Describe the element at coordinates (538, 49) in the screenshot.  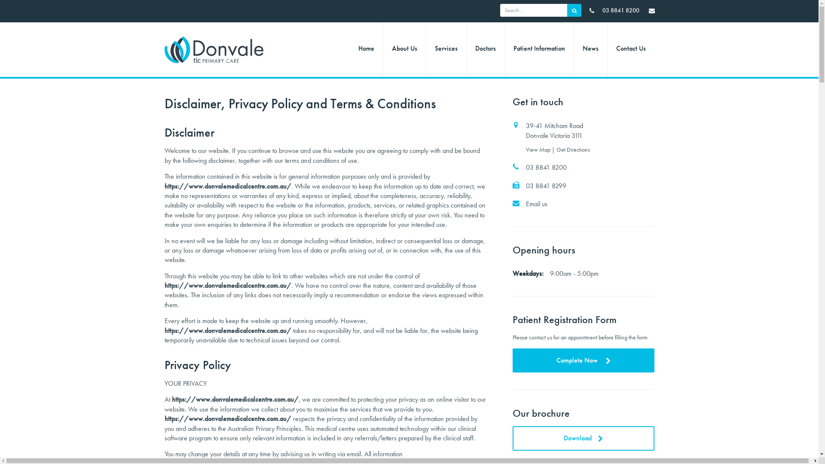
I see `'Patient Information'` at that location.